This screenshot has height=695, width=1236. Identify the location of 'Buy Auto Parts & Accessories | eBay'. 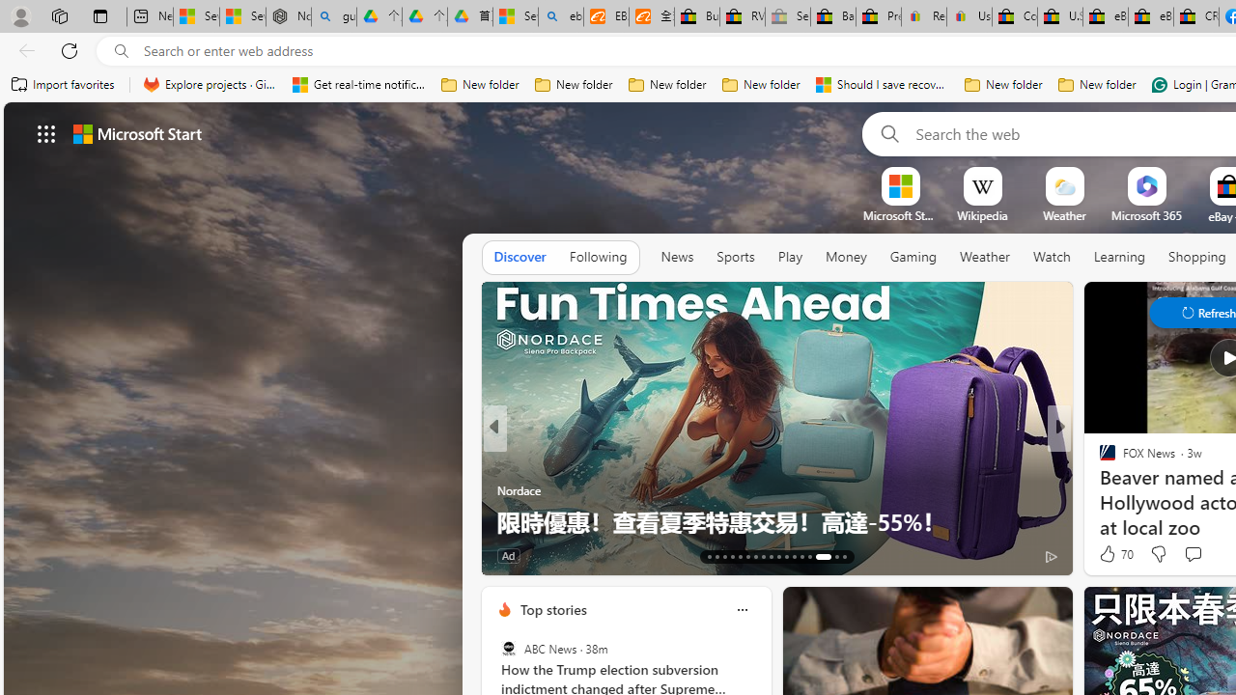
(695, 16).